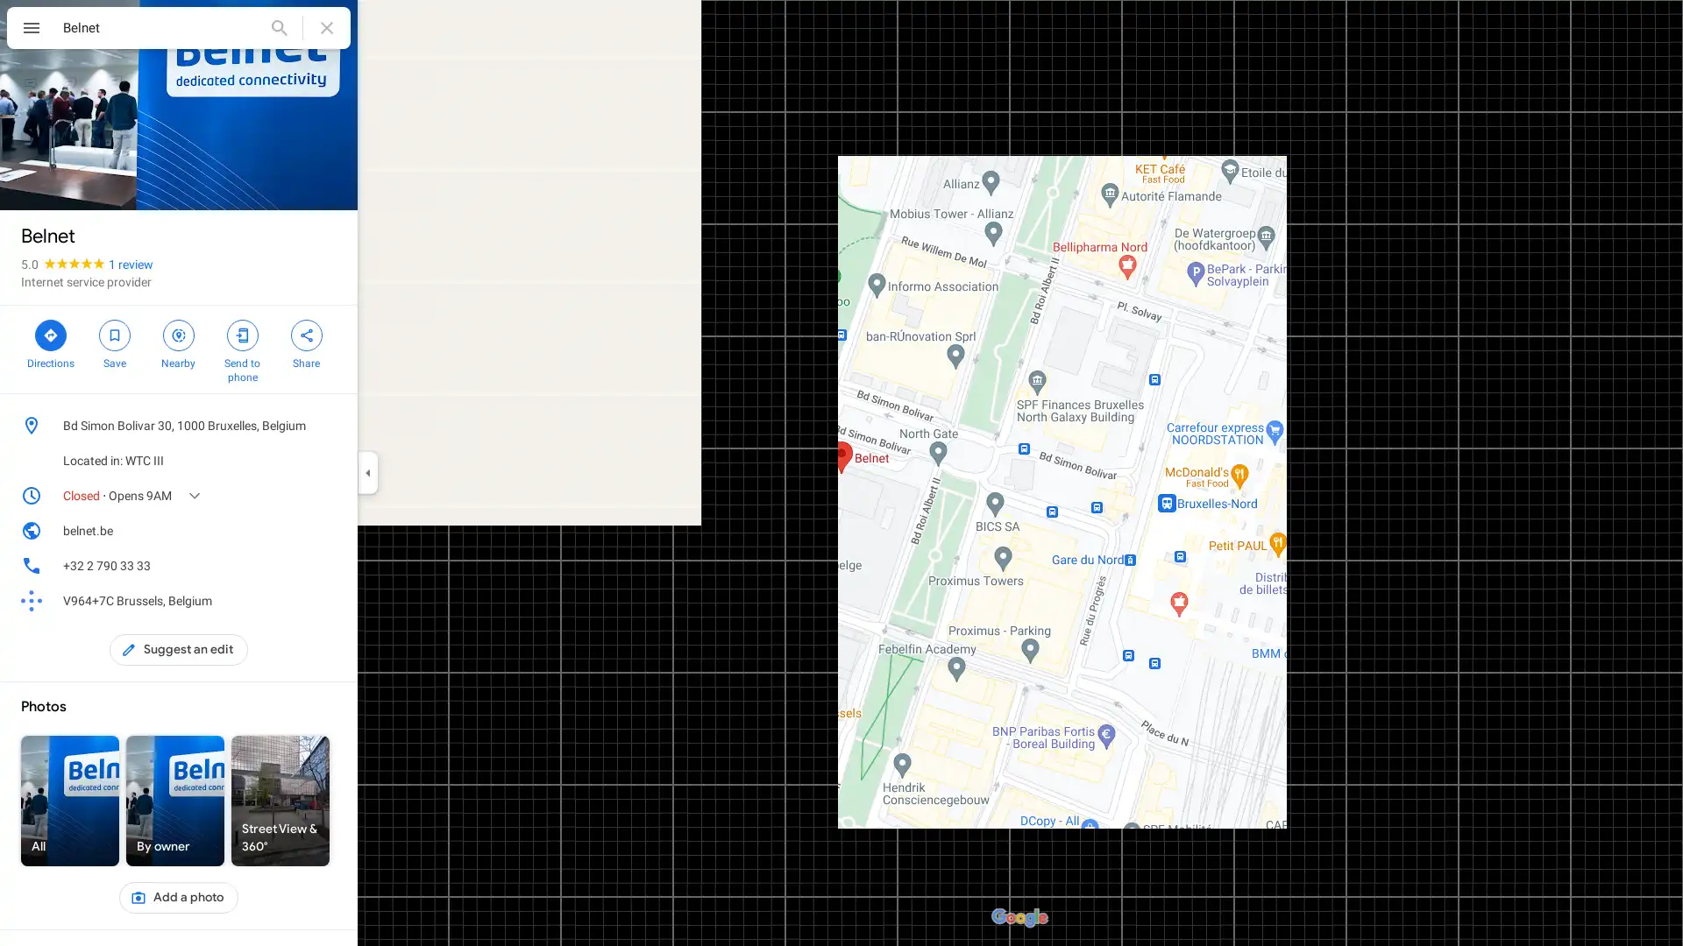  I want to click on 2 photos, so click(59, 181).